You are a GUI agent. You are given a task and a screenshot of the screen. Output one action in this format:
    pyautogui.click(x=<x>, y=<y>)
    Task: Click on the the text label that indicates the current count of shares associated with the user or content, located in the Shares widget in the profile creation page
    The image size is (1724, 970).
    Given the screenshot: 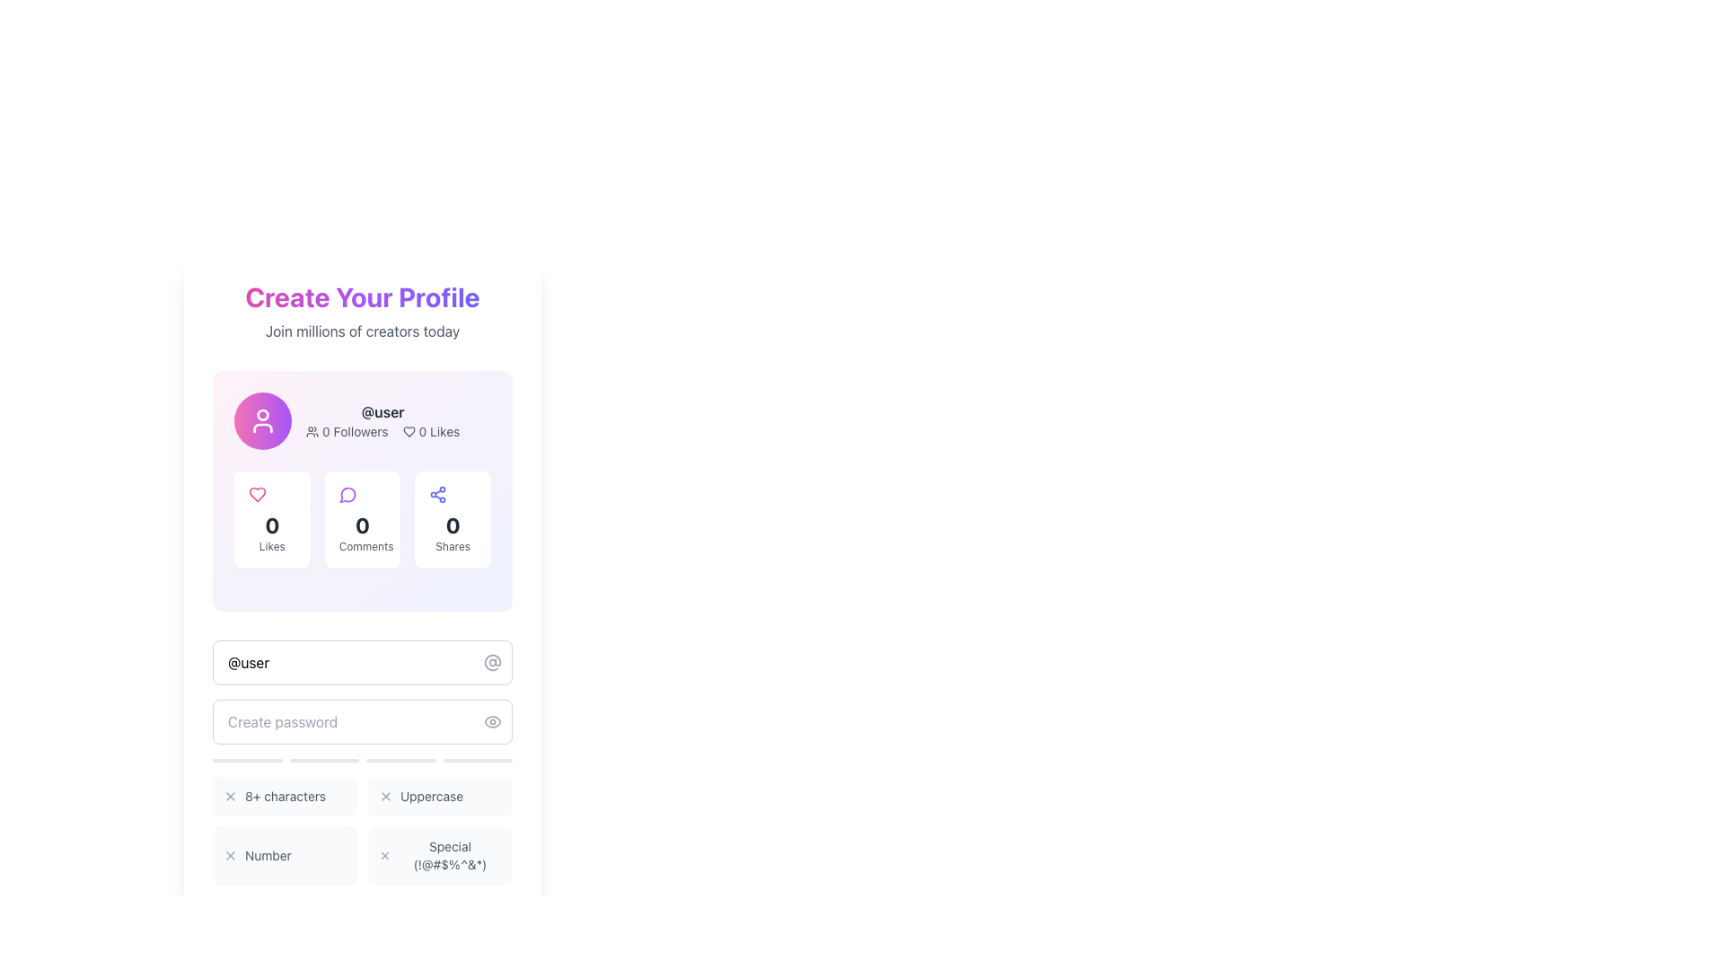 What is the action you would take?
    pyautogui.click(x=453, y=525)
    